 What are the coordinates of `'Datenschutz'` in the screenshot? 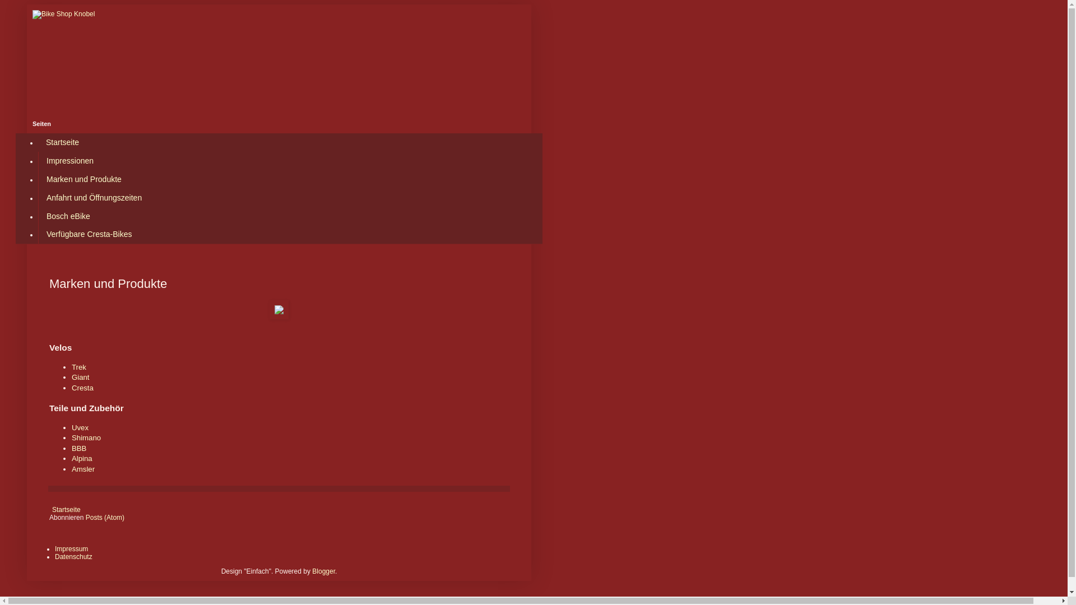 It's located at (73, 557).